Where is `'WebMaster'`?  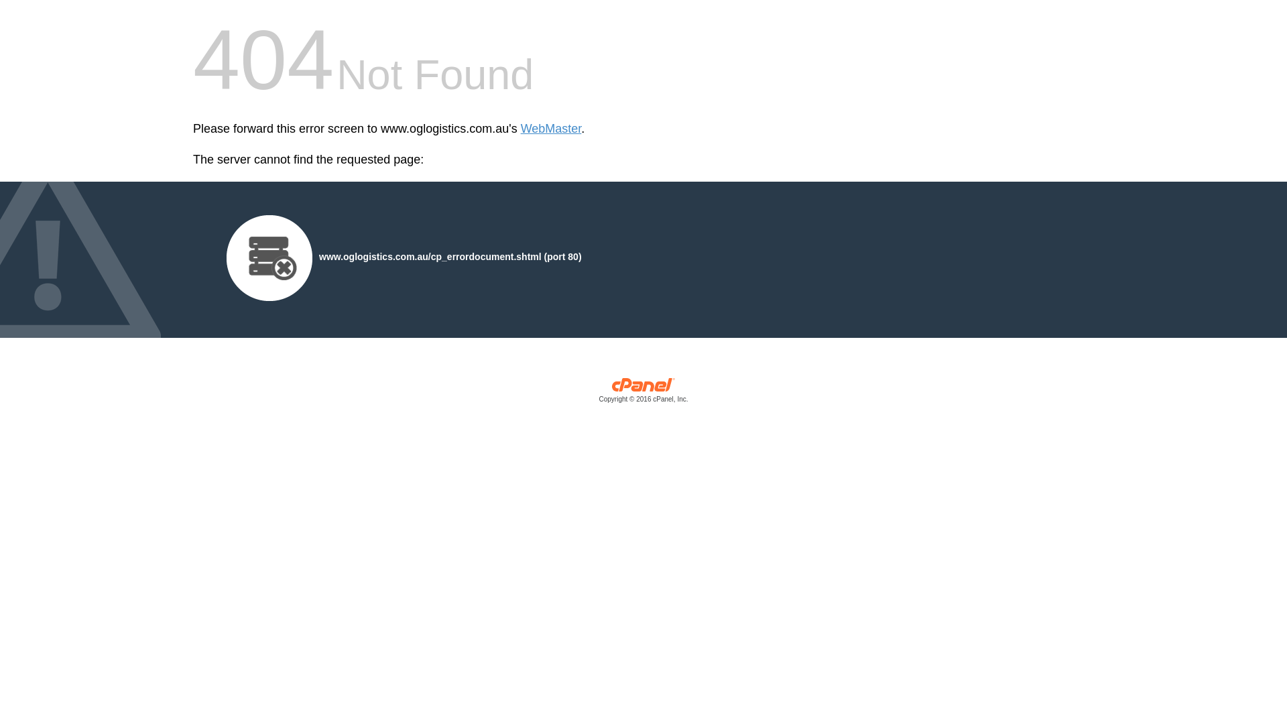 'WebMaster' is located at coordinates (551, 129).